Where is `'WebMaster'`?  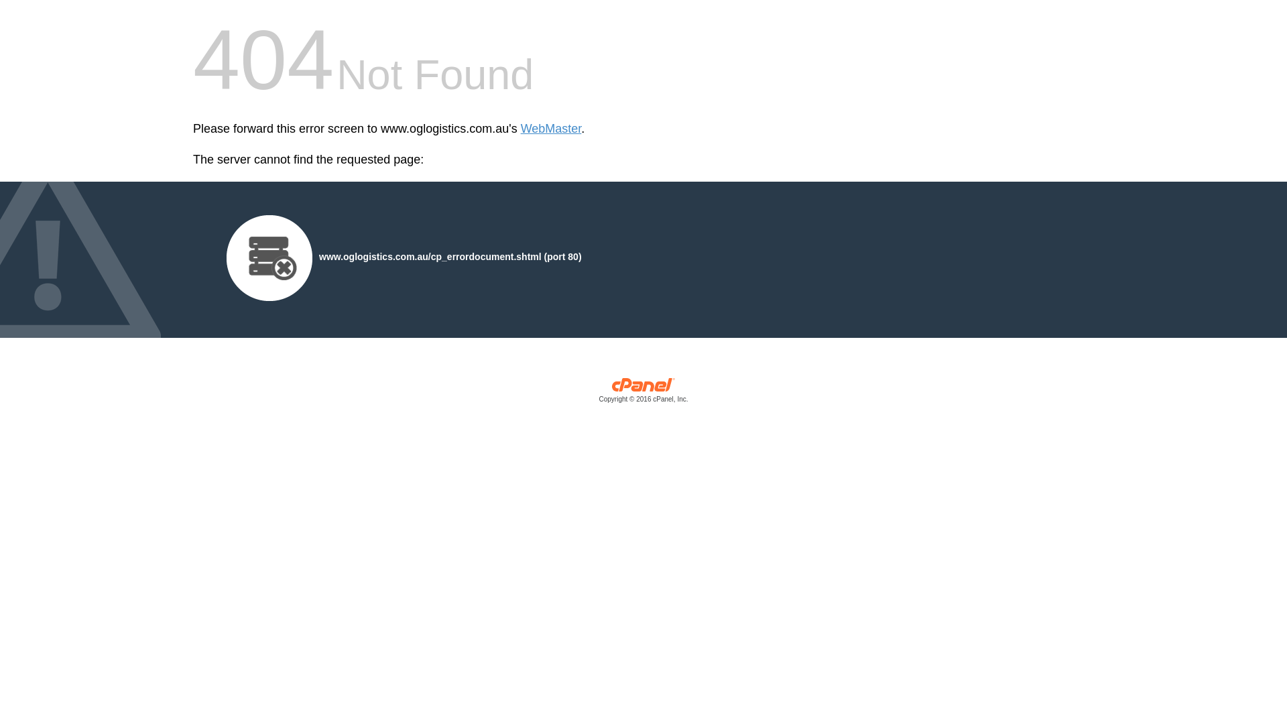 'WebMaster' is located at coordinates (551, 129).